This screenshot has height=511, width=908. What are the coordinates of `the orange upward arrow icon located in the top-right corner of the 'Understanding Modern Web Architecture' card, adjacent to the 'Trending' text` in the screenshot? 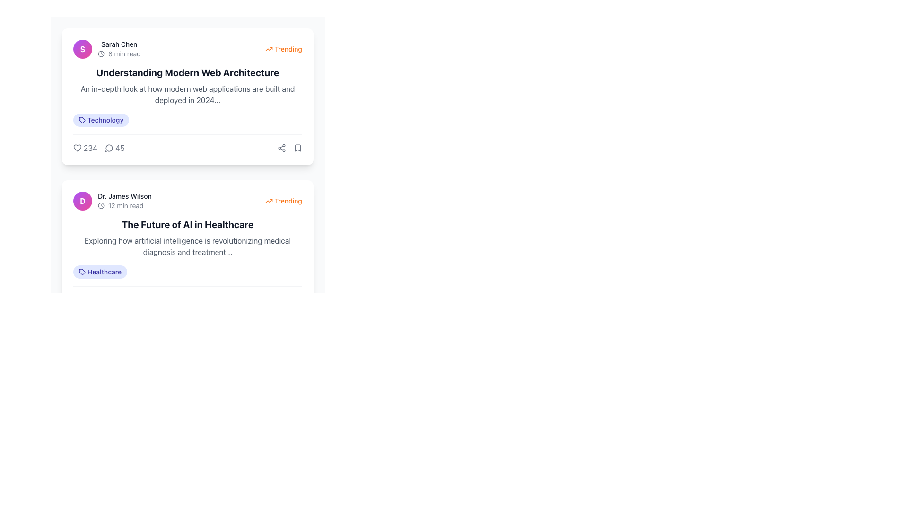 It's located at (268, 49).